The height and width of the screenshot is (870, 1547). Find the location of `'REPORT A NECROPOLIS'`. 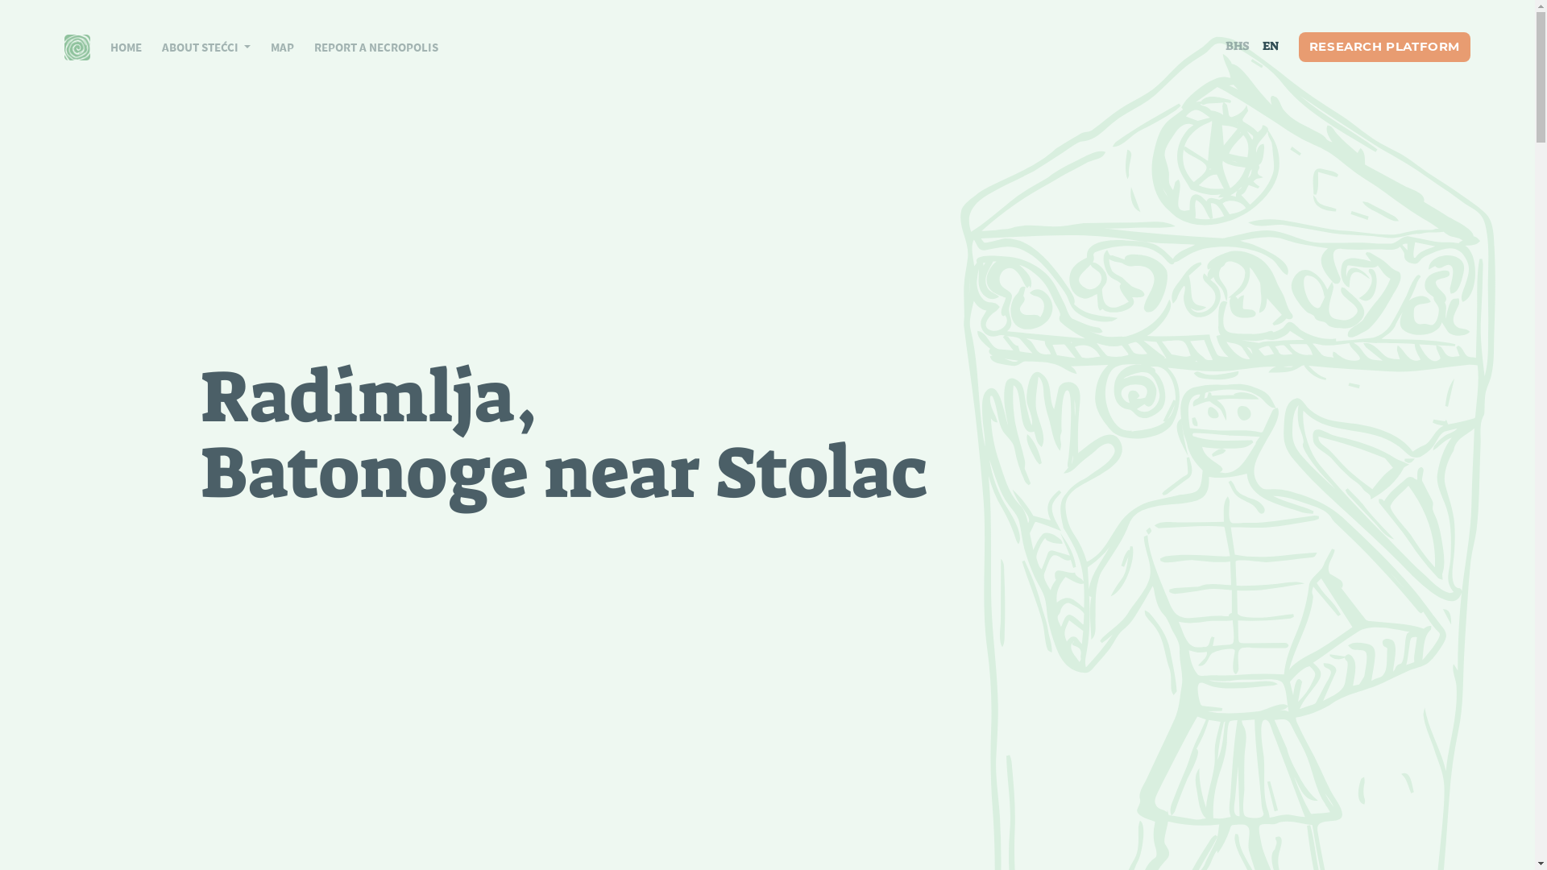

'REPORT A NECROPOLIS' is located at coordinates (365, 46).